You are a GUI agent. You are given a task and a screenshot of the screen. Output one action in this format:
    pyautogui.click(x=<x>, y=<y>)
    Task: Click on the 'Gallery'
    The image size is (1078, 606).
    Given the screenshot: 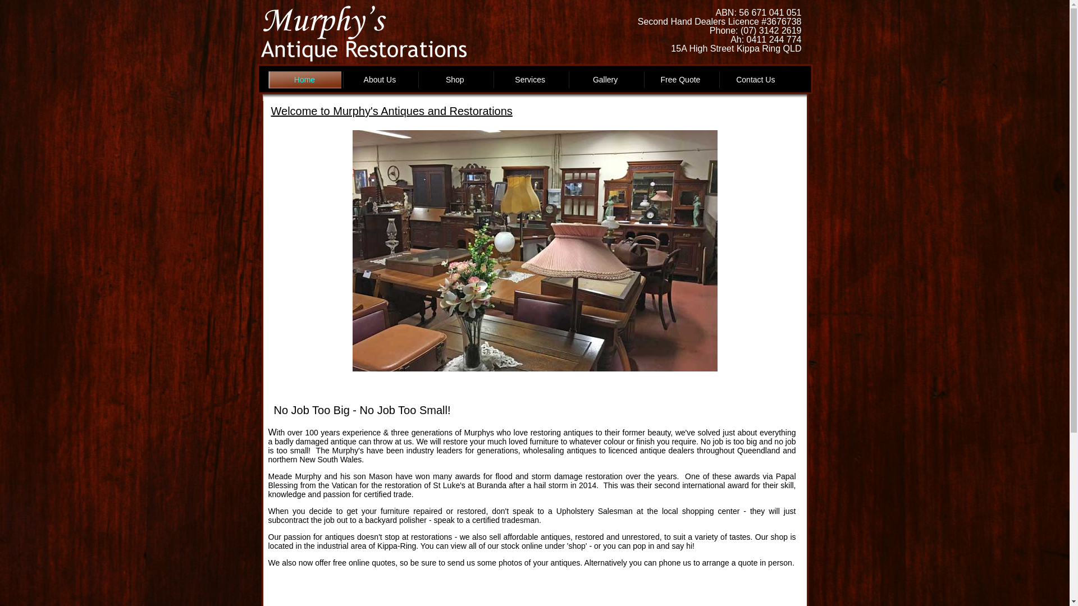 What is the action you would take?
    pyautogui.click(x=605, y=81)
    